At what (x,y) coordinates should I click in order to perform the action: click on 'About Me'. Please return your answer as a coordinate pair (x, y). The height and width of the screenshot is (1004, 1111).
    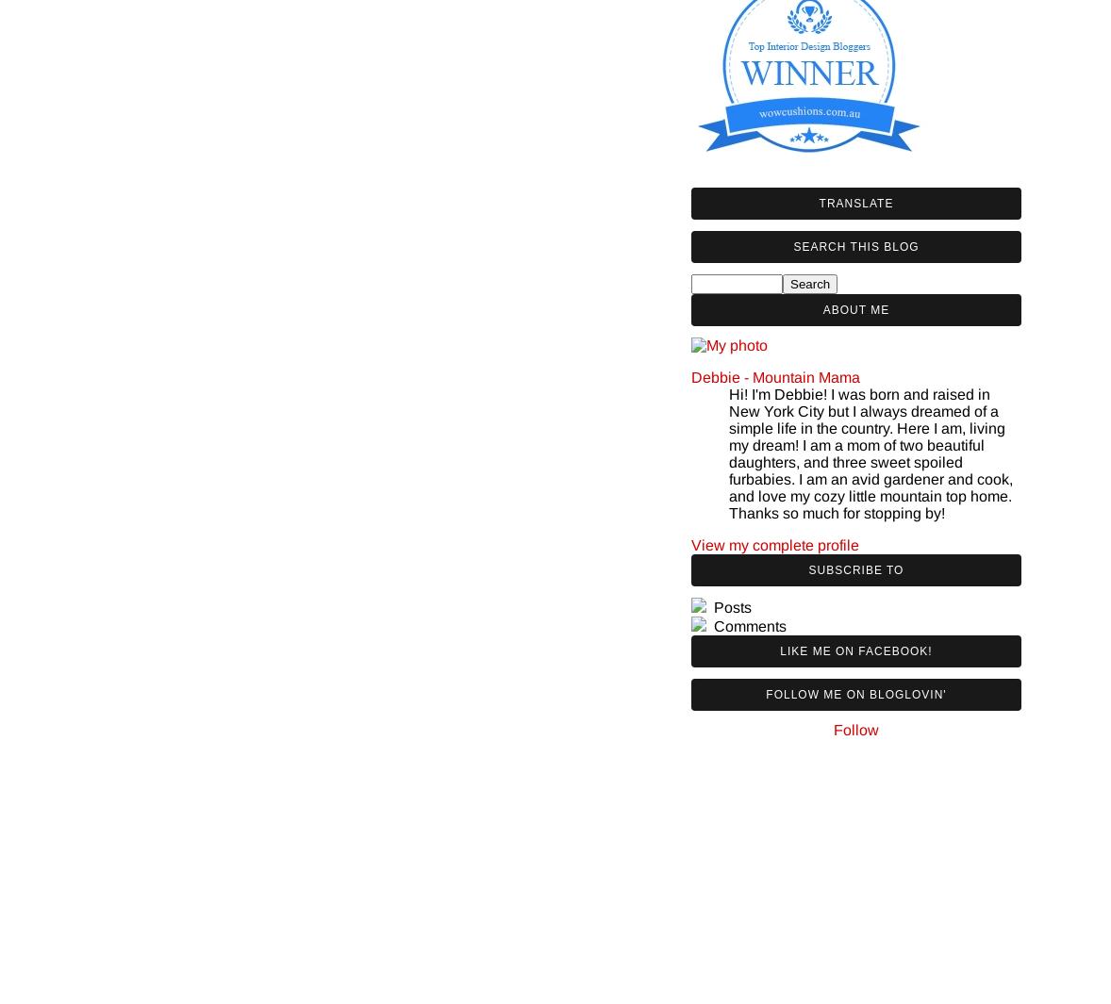
    Looking at the image, I should click on (855, 308).